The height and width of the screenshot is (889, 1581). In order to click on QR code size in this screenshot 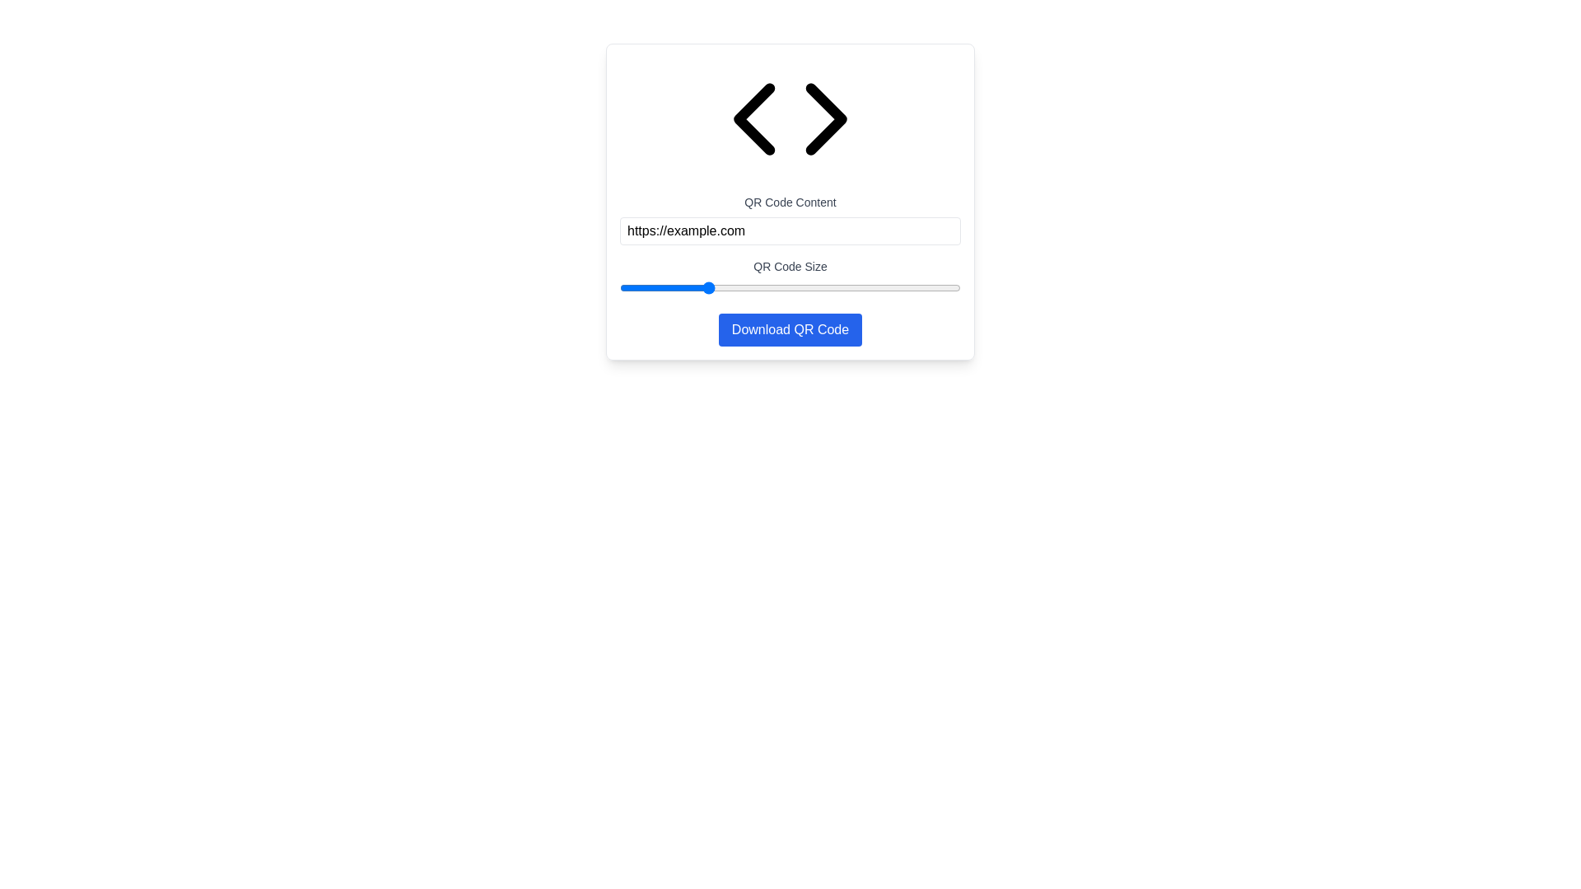, I will do `click(683, 287)`.